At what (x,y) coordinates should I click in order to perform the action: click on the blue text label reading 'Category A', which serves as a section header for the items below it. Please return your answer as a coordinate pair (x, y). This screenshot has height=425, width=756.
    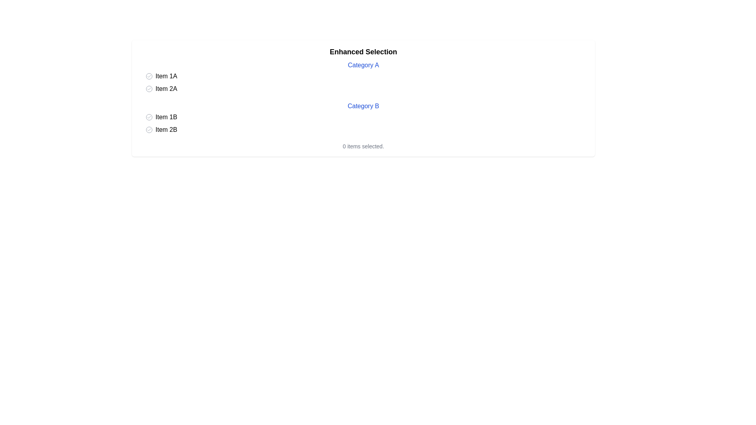
    Looking at the image, I should click on (363, 65).